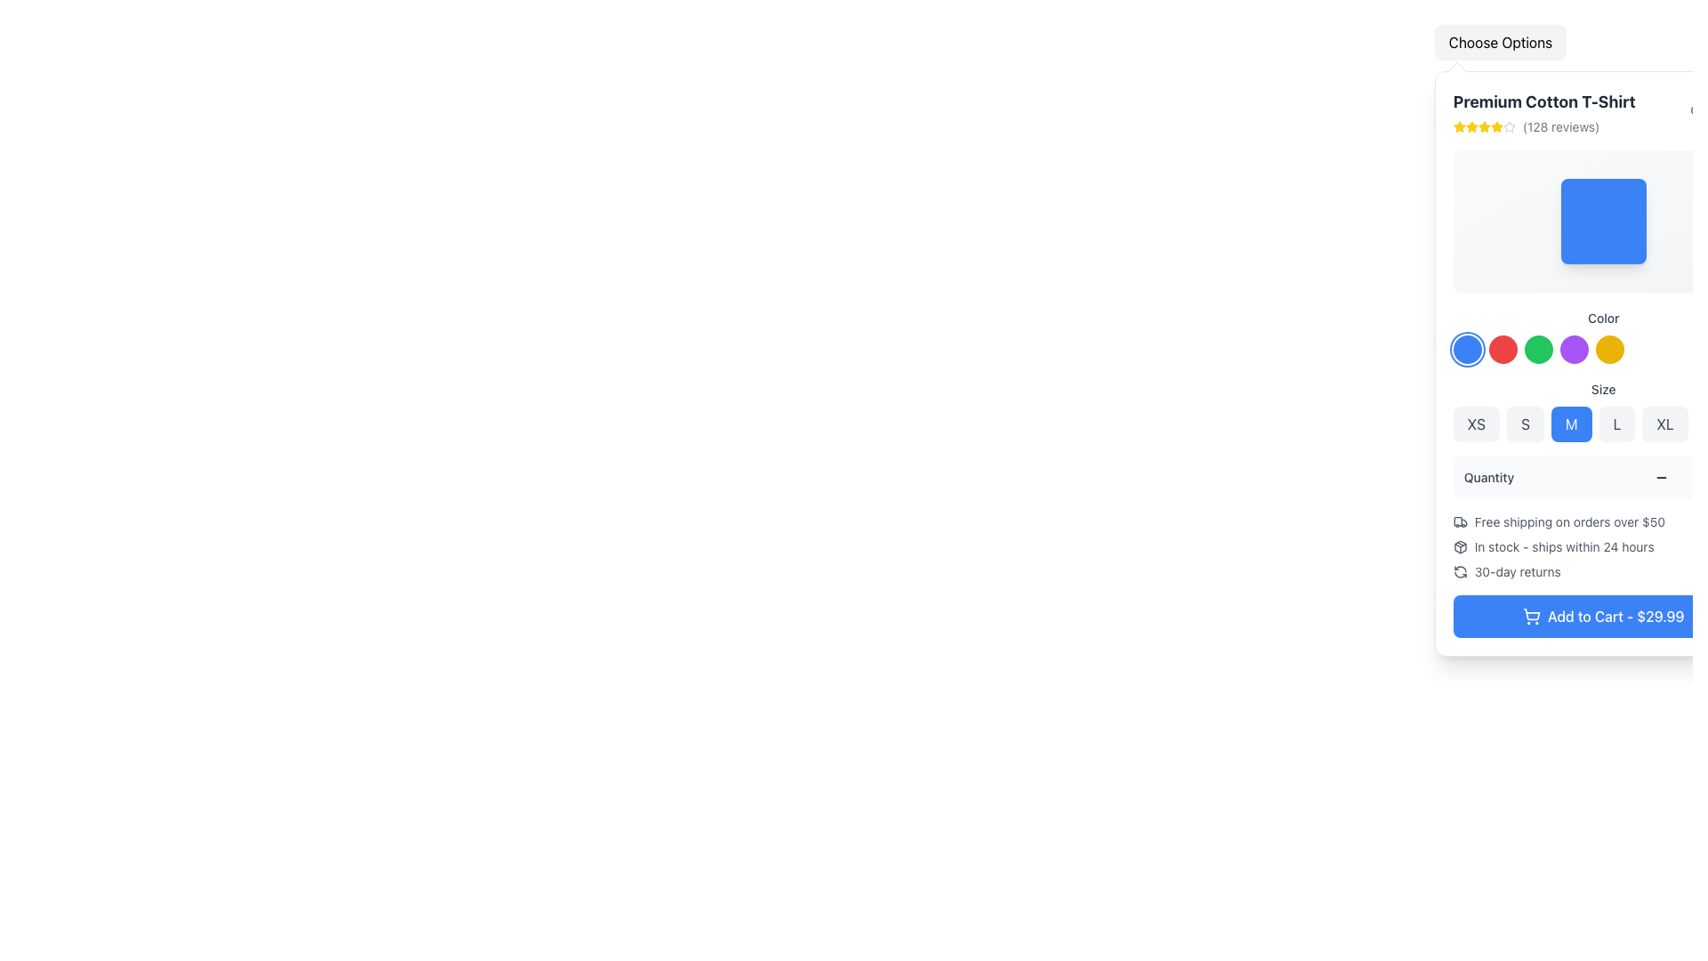 This screenshot has width=1708, height=961. What do you see at coordinates (1489, 476) in the screenshot?
I see `the label in the upper-left part of the quantity adjustment area, which clarifies its functionality as a quantity adjustment section` at bounding box center [1489, 476].